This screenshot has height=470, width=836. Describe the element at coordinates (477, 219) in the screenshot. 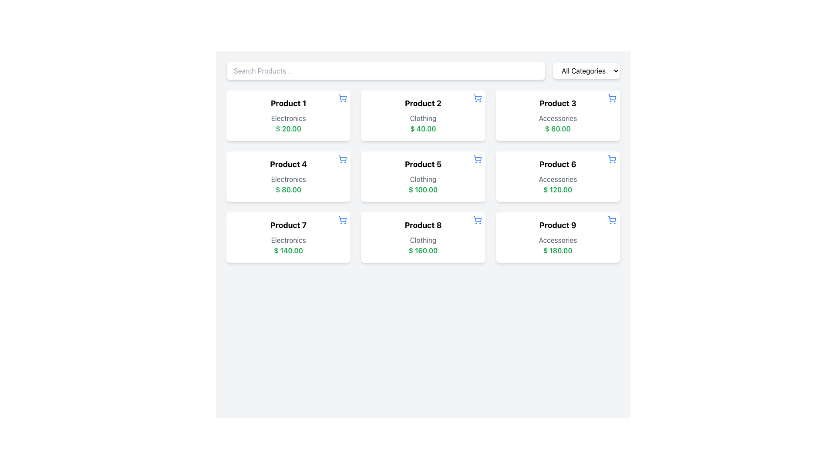

I see `the shopping cart icon button located at the top-right corner inside the card titled 'Product 8' to interact with it` at that location.